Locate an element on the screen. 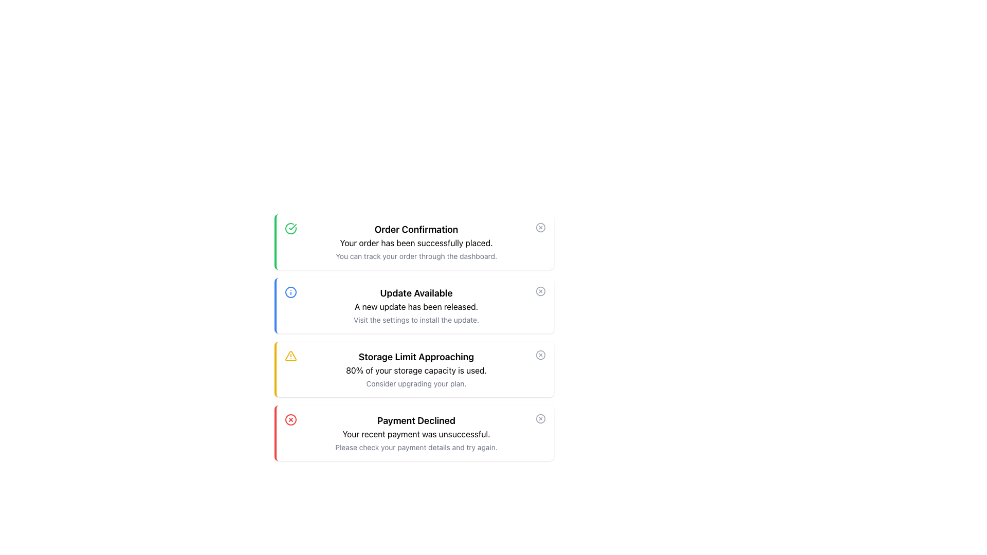 The image size is (987, 555). the bold text label reading 'Storage Limit Approaching' in the warning notification card, which is the first line of text in the third notification card is located at coordinates (416, 356).